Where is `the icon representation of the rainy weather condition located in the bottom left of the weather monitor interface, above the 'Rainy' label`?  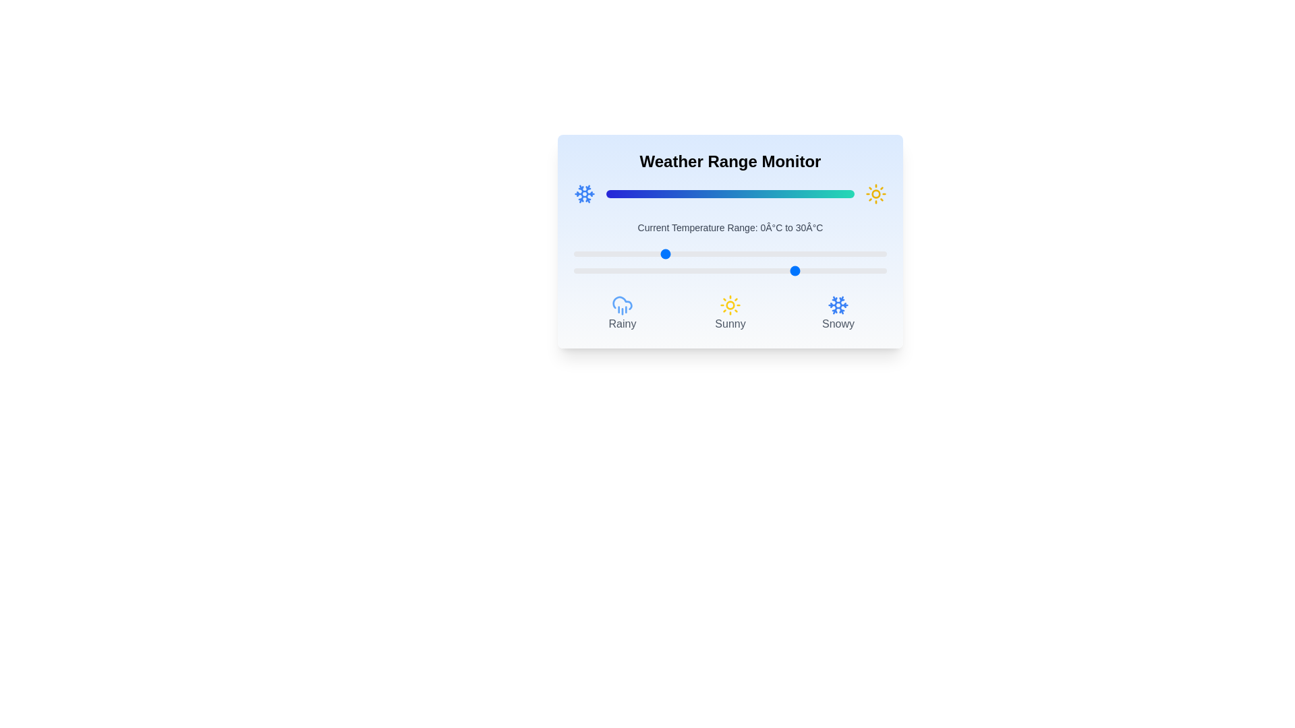
the icon representation of the rainy weather condition located in the bottom left of the weather monitor interface, above the 'Rainy' label is located at coordinates (621, 305).